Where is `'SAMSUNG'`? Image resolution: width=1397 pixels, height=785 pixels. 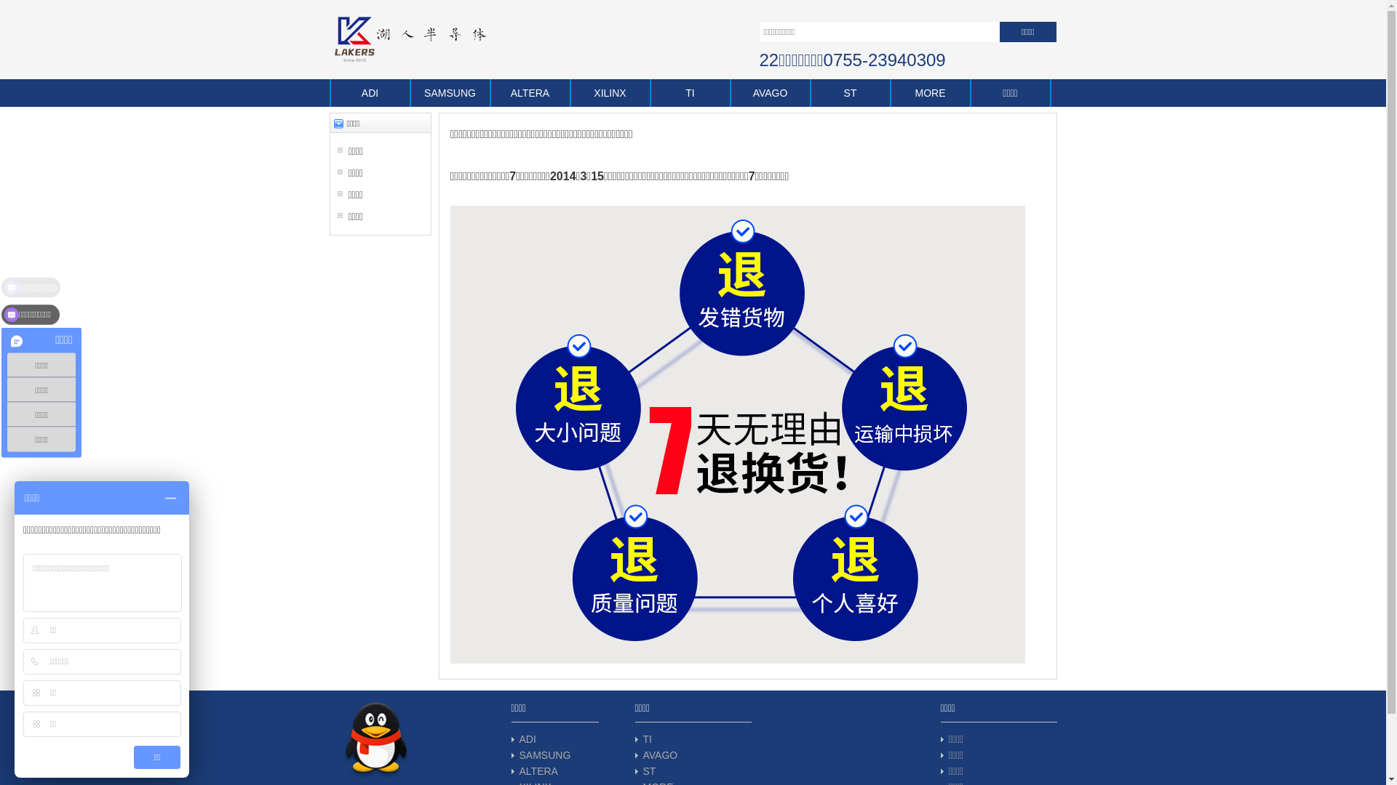 'SAMSUNG' is located at coordinates (450, 92).